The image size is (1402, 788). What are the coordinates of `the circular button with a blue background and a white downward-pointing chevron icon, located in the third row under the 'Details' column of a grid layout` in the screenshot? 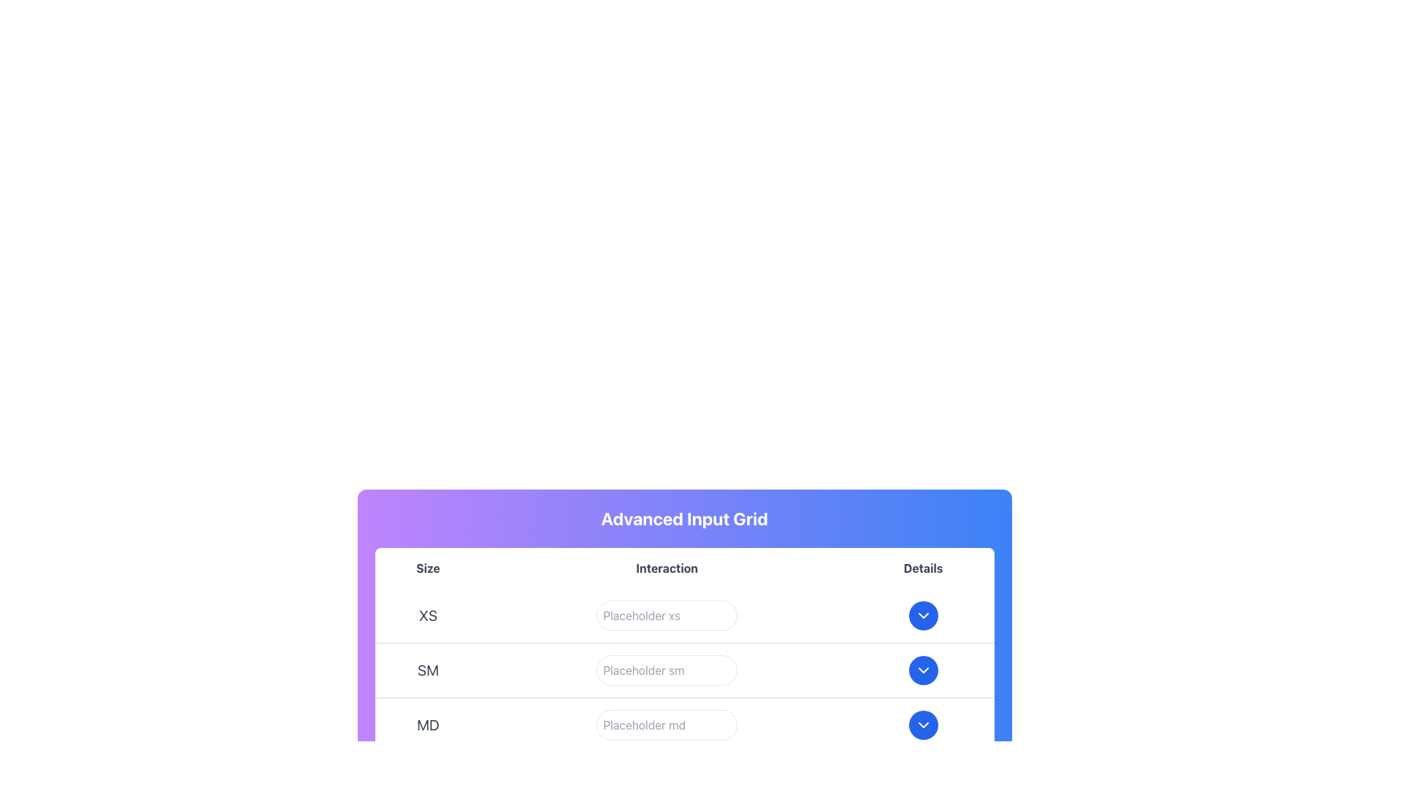 It's located at (922, 725).